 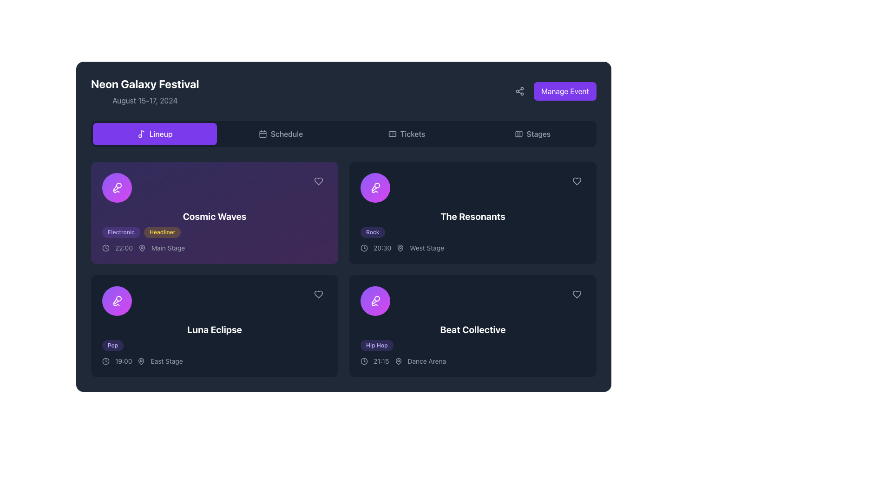 What do you see at coordinates (214, 232) in the screenshot?
I see `the labels of the pill-shaped badges labeled 'Electronic' and 'Headliner' within the 'Cosmic Waves' event card, located in the top-left section of the layout` at bounding box center [214, 232].